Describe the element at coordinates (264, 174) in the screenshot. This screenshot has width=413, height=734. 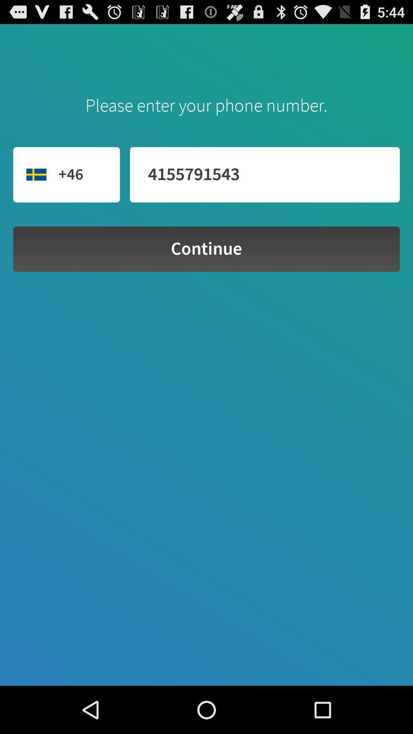
I see `4155791543 icon` at that location.